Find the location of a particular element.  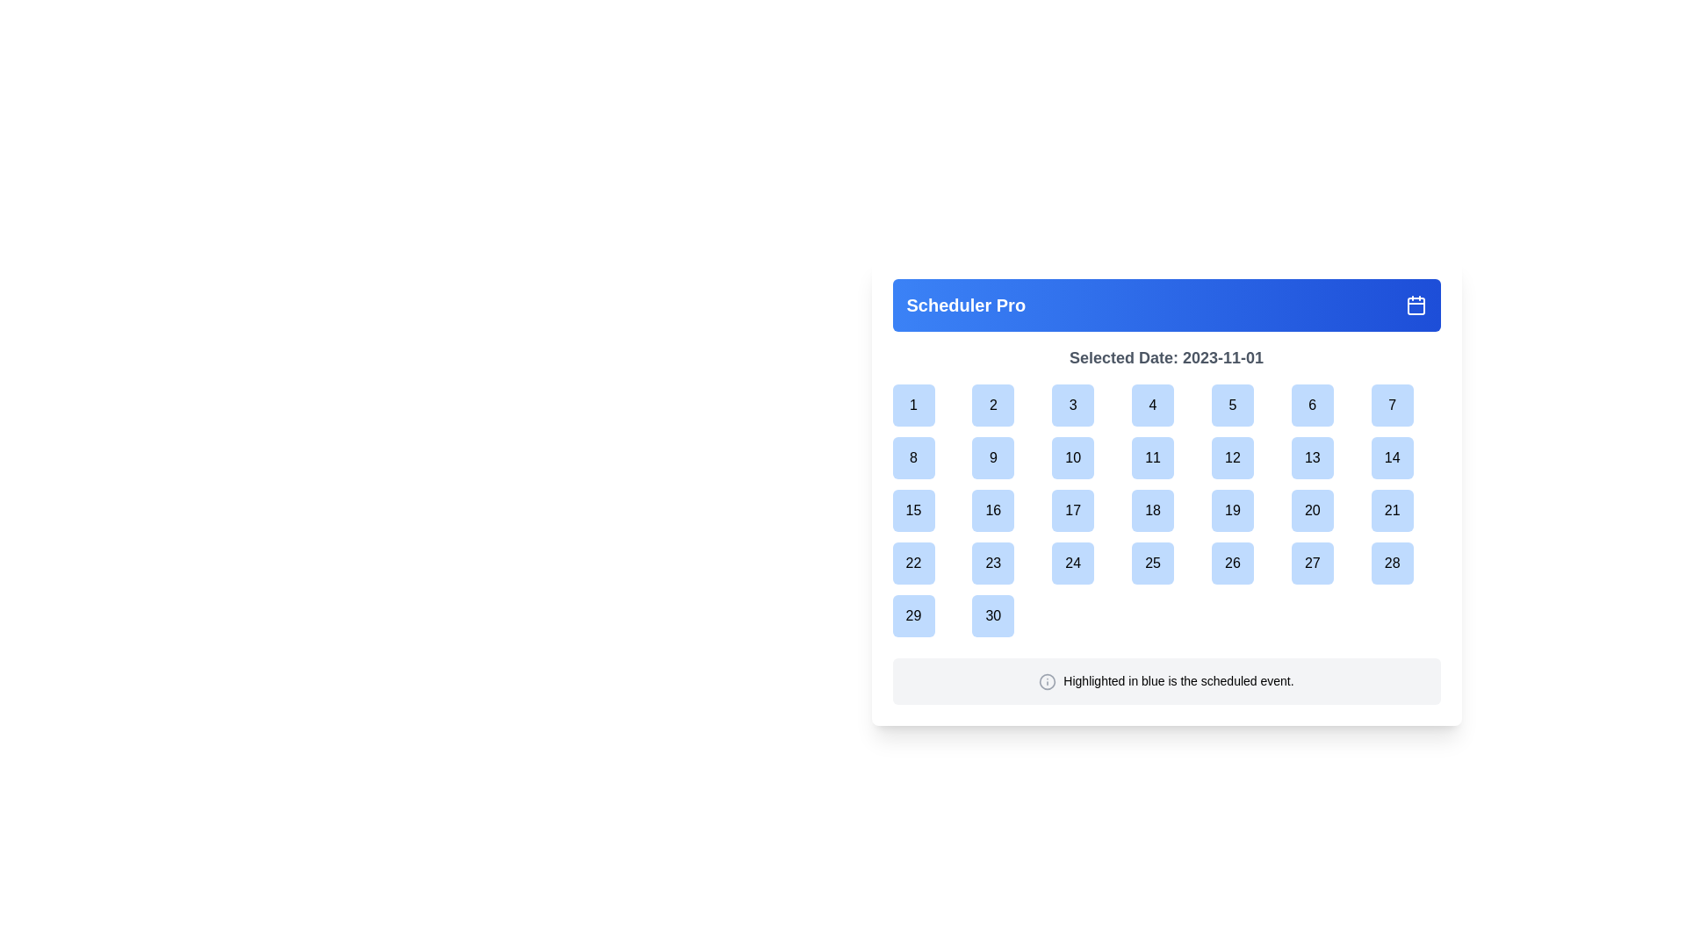

the calendar button representing the date '10', which is the fourth button is located at coordinates (1072, 456).